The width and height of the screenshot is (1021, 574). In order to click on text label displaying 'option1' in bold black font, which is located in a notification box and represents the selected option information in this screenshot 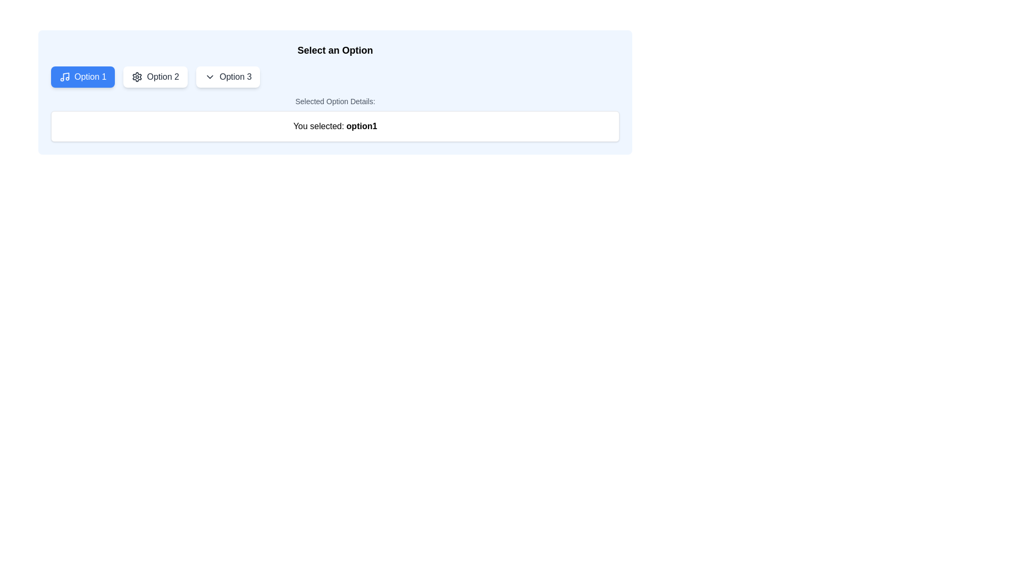, I will do `click(362, 125)`.